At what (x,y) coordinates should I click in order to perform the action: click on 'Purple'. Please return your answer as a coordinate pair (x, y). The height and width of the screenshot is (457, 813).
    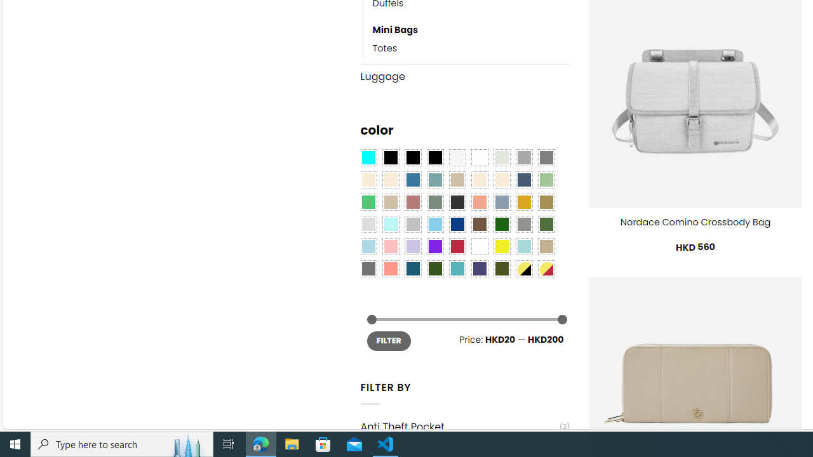
    Looking at the image, I should click on (434, 246).